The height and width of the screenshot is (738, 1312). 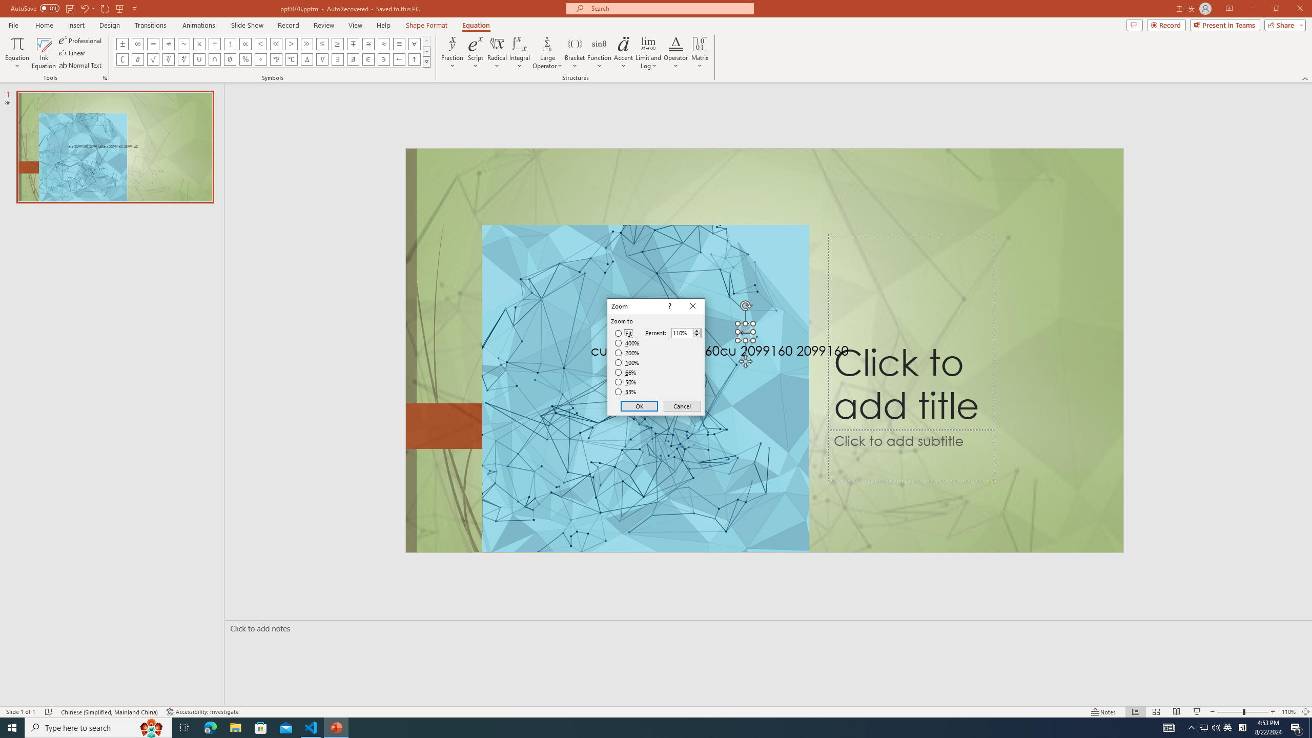 What do you see at coordinates (81, 65) in the screenshot?
I see `'Normal Text'` at bounding box center [81, 65].